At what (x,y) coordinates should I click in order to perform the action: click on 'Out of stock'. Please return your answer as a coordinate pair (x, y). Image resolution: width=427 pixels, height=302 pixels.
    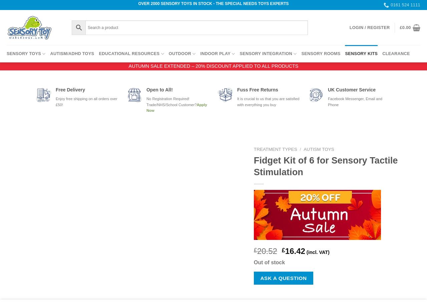
    Looking at the image, I should click on (253, 262).